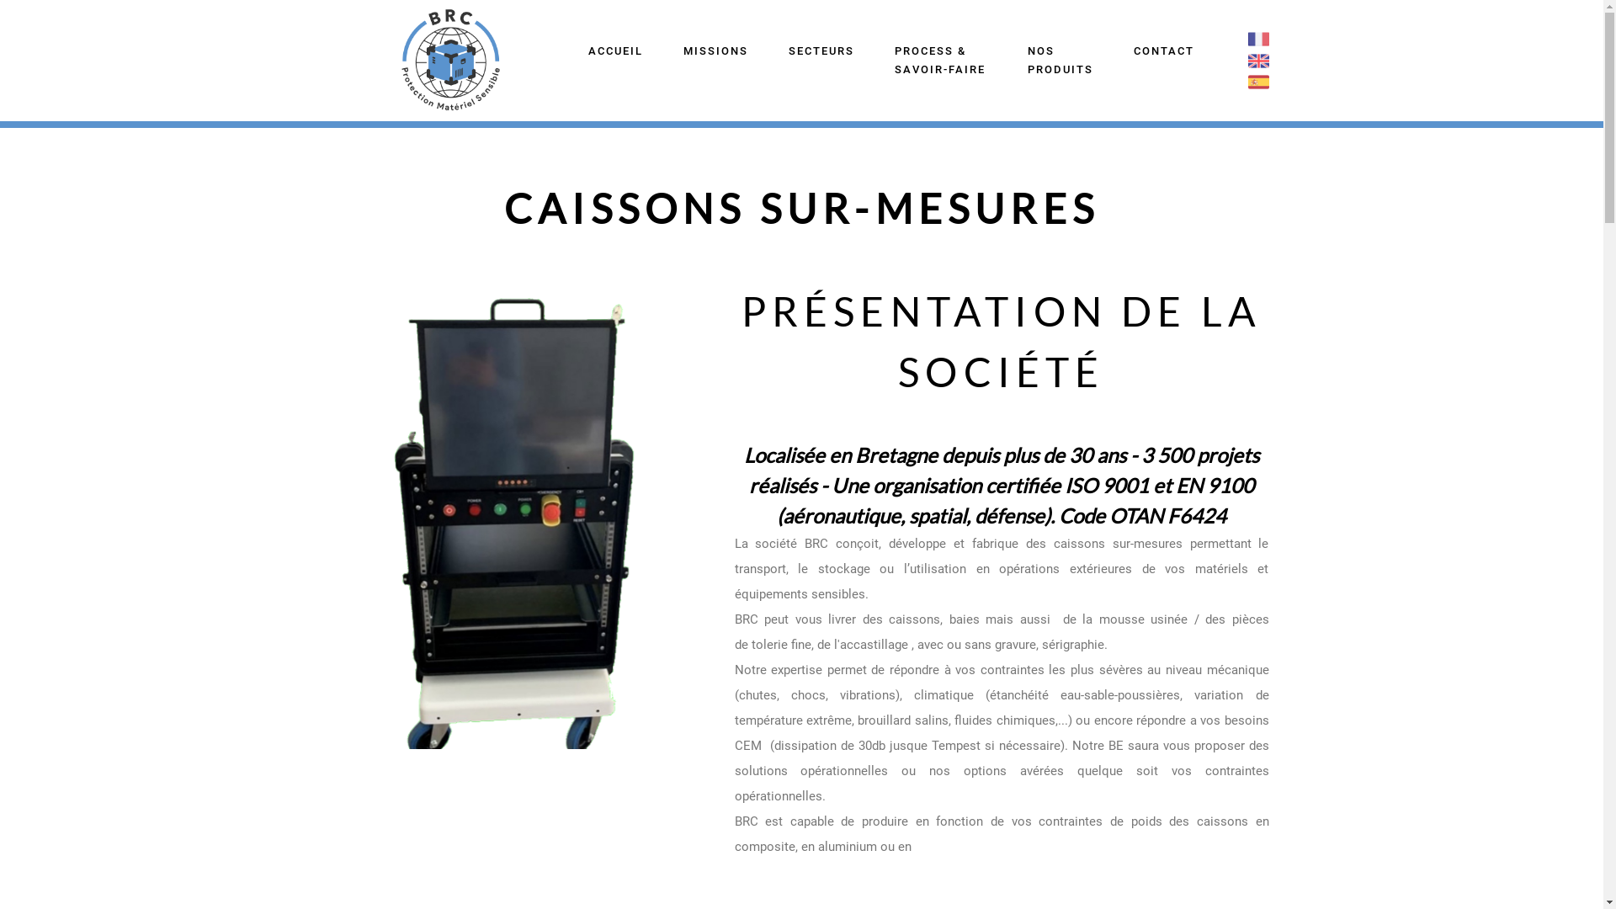 This screenshot has height=909, width=1616. Describe the element at coordinates (1058, 60) in the screenshot. I see `'NOS PRODUITS'` at that location.